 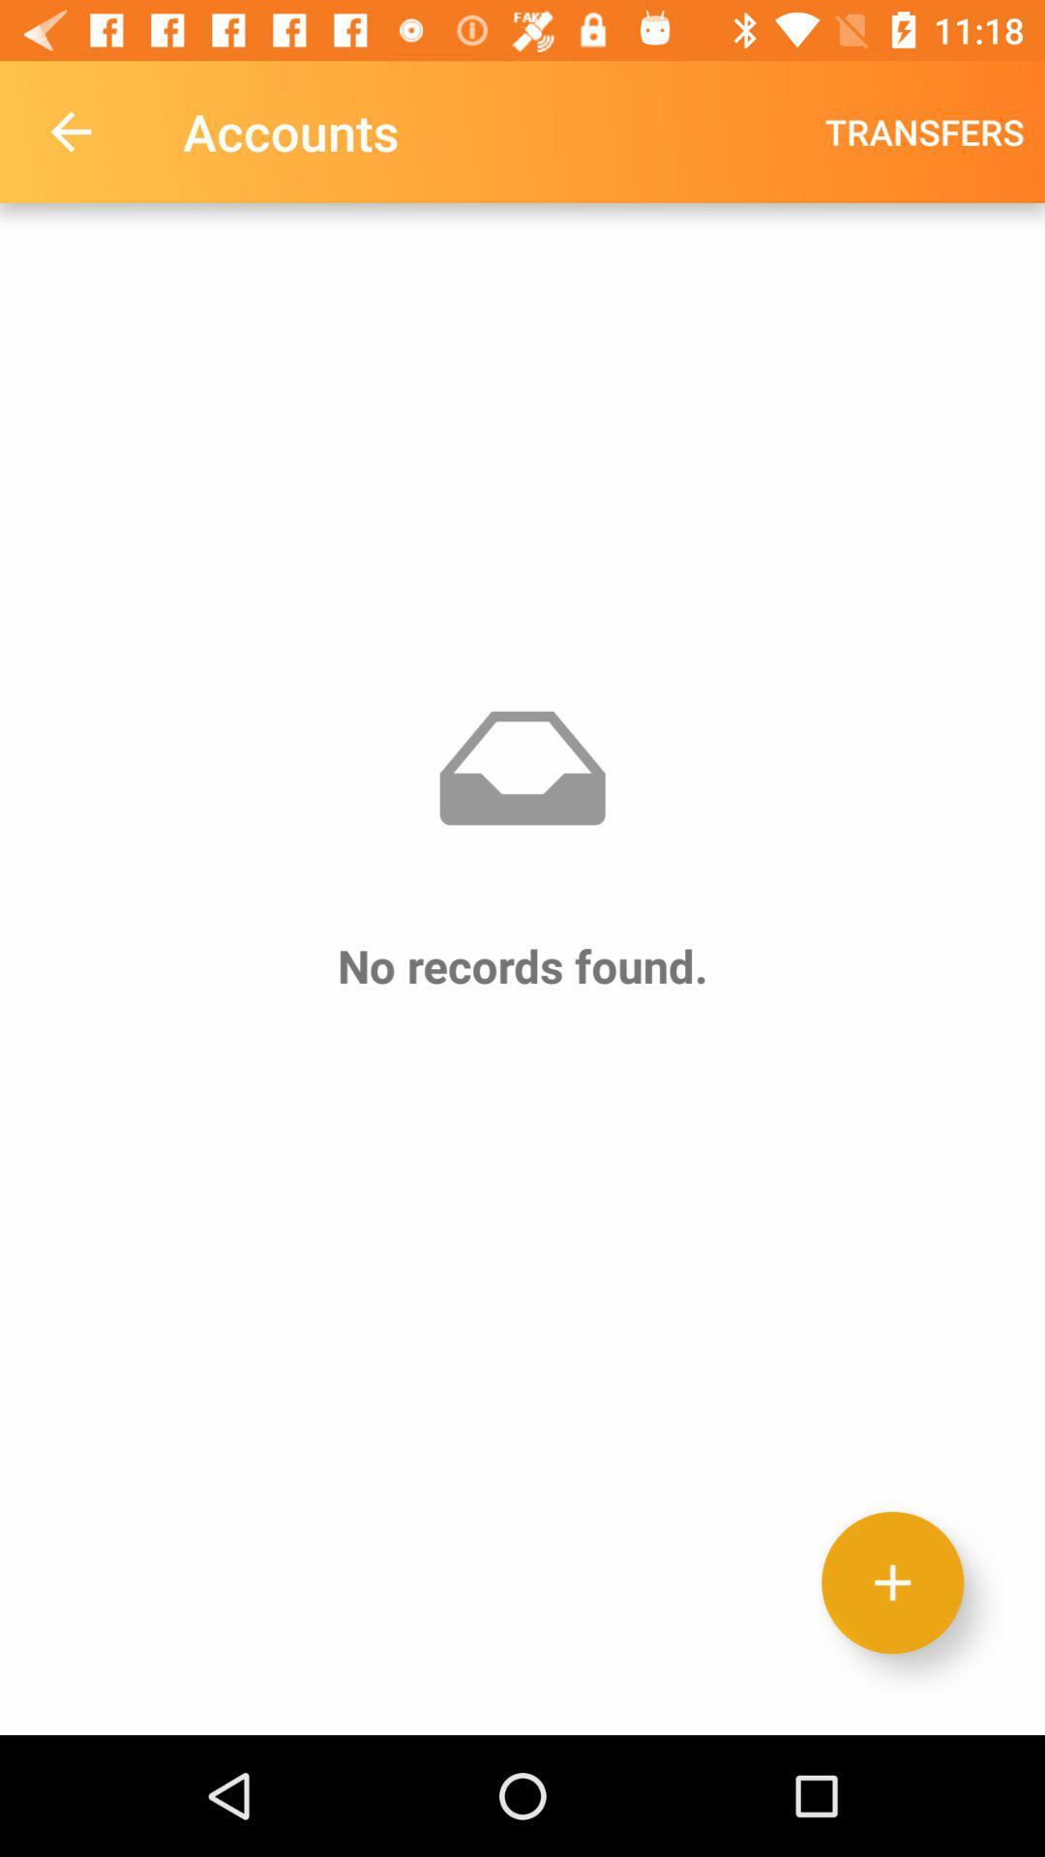 What do you see at coordinates (892, 1582) in the screenshot?
I see `the add icon` at bounding box center [892, 1582].